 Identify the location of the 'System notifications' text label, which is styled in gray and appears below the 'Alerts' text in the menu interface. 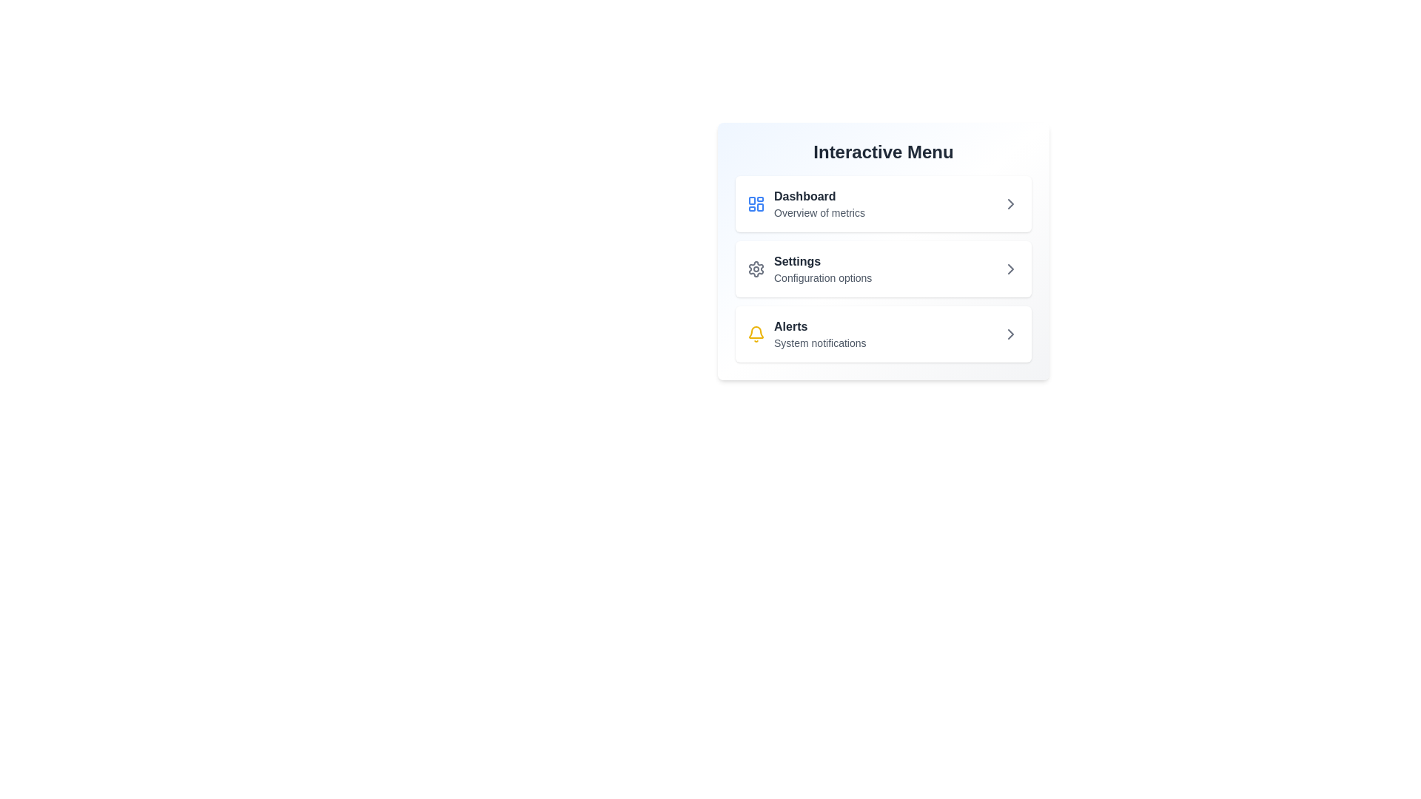
(819, 343).